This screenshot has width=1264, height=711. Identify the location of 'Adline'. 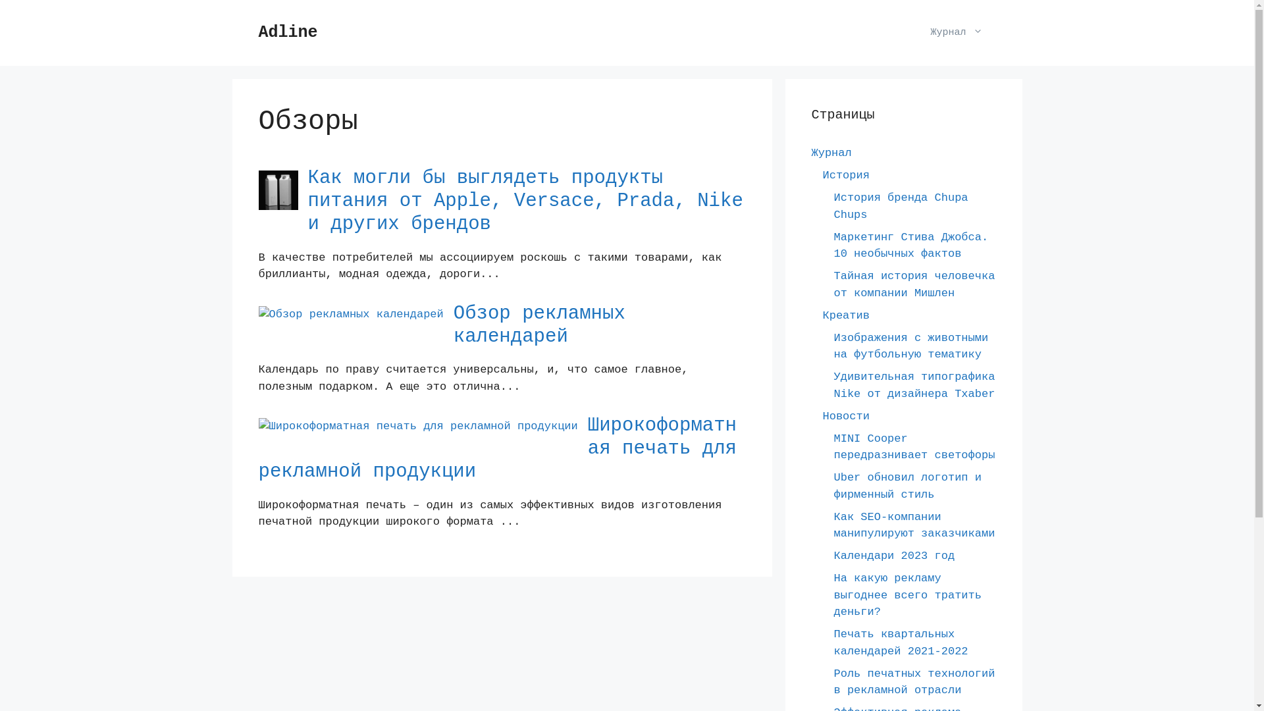
(258, 32).